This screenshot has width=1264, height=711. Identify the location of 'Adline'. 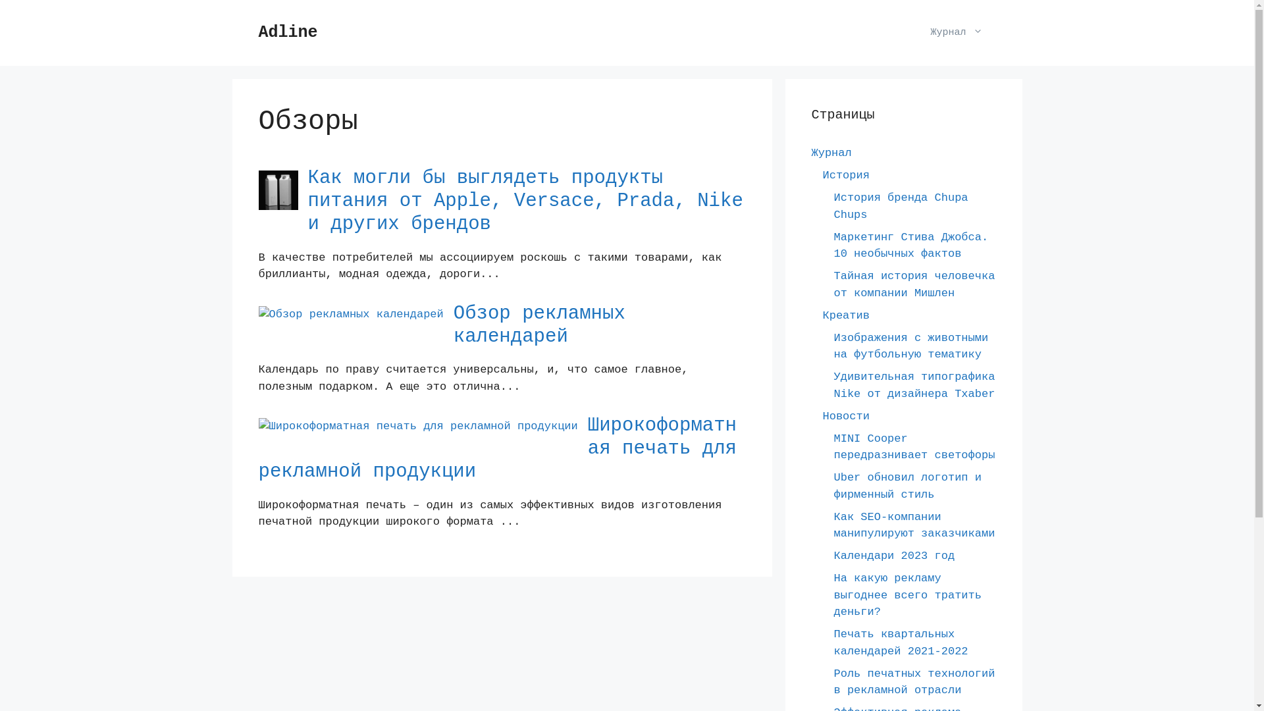
(258, 32).